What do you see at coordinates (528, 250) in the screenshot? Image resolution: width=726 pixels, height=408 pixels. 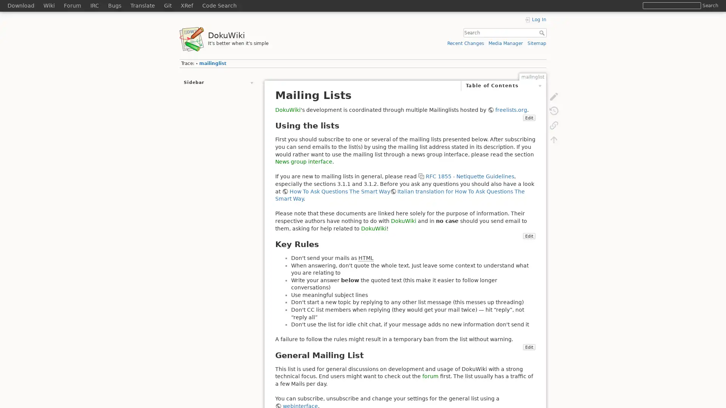 I see `Edit` at bounding box center [528, 250].